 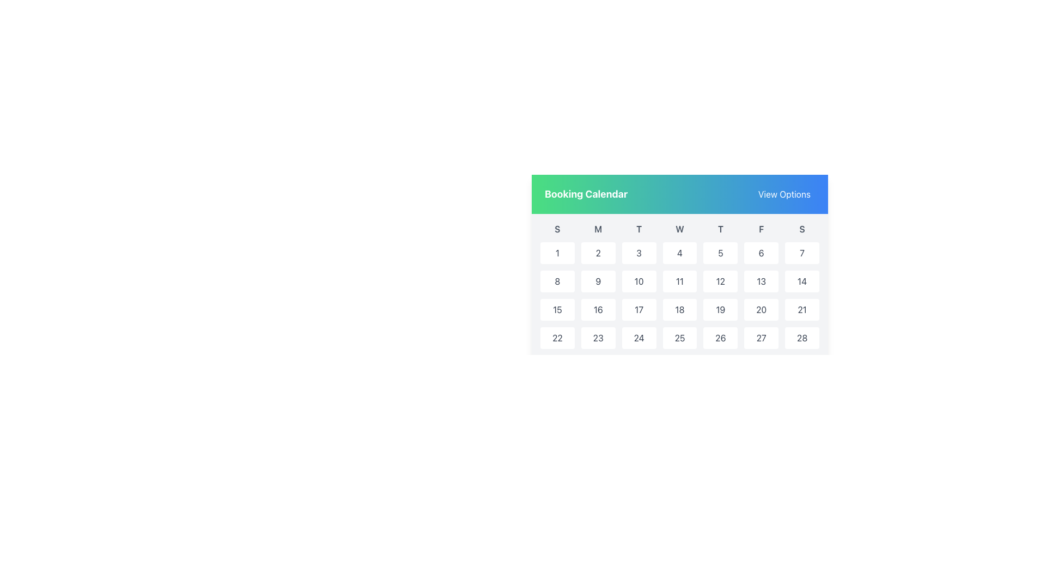 What do you see at coordinates (598, 310) in the screenshot?
I see `the calendar date cell displaying the number '16'` at bounding box center [598, 310].